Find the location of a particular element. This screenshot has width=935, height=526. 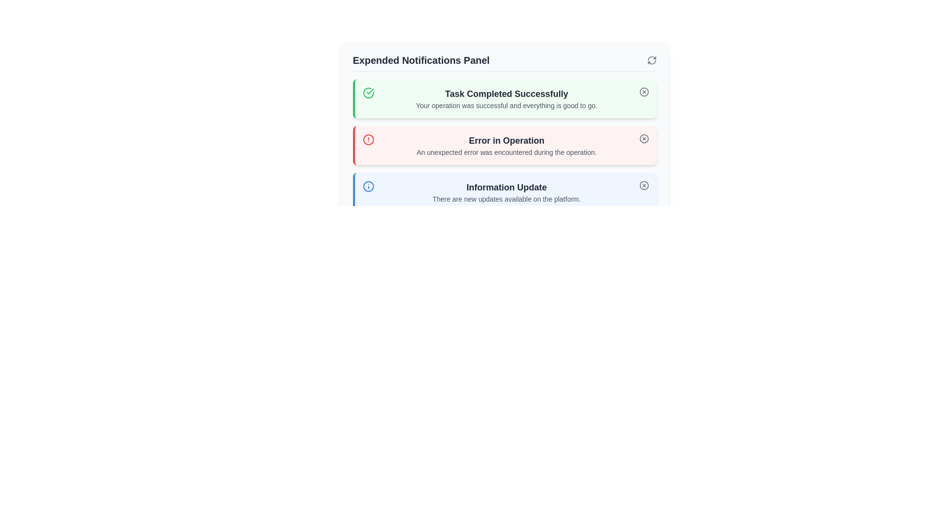

visual indication of the checkmark icon that signifies the successful completion of the task in the notification titled 'Task Completed Successfully' is located at coordinates (369, 92).